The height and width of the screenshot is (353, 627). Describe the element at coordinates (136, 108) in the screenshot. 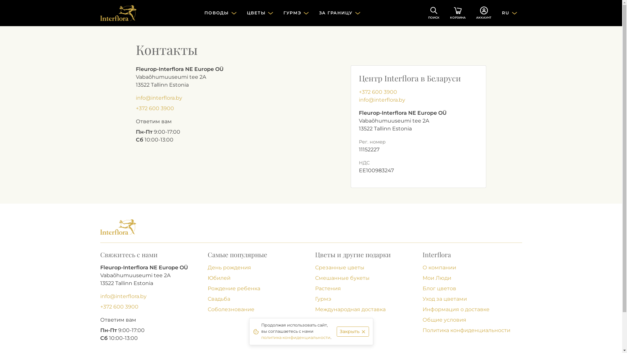

I see `'+372 600 3900'` at that location.